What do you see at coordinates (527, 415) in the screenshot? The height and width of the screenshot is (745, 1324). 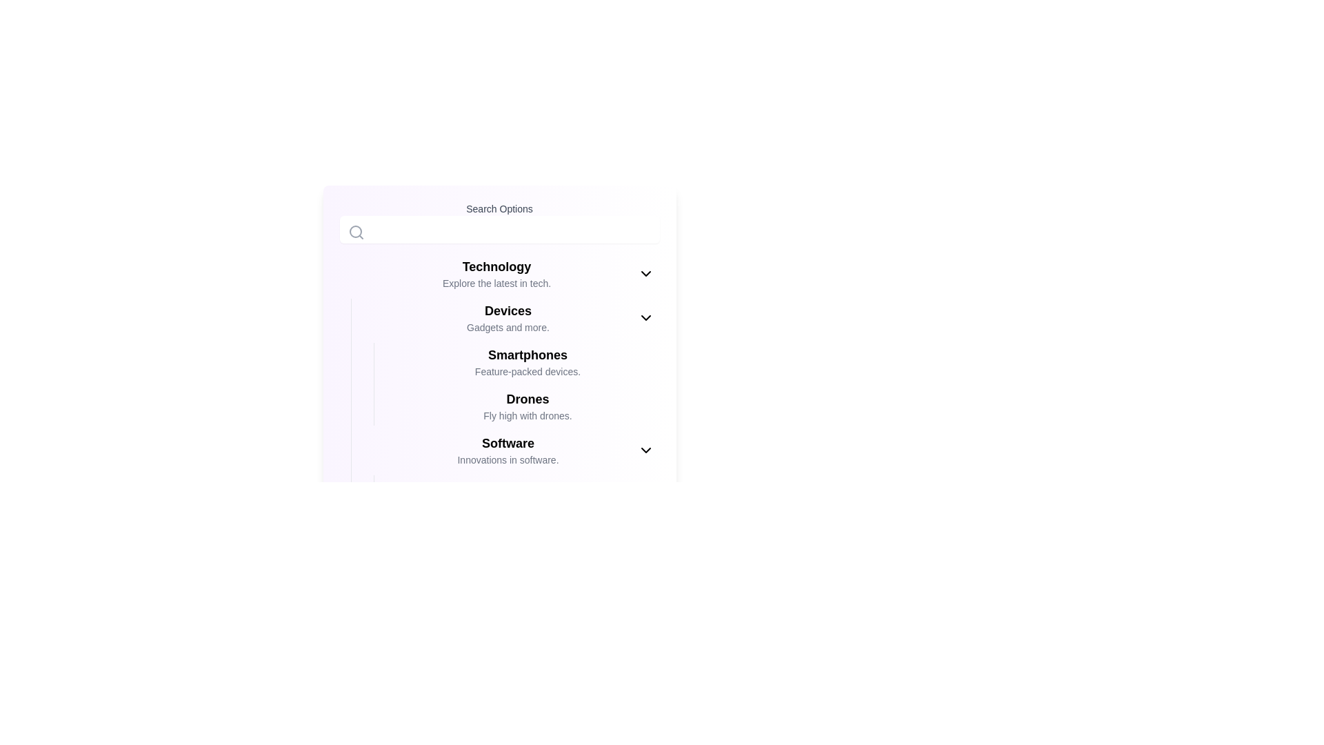 I see `the Text label located beneath the 'Drones' heading, which provides context for the Drones section` at bounding box center [527, 415].